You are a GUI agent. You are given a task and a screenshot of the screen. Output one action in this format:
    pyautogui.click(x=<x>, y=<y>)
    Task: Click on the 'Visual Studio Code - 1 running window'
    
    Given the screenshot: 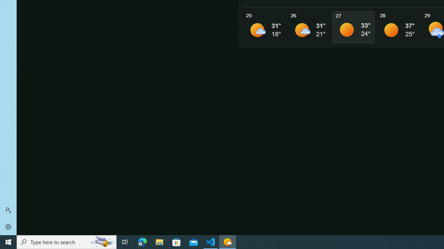 What is the action you would take?
    pyautogui.click(x=210, y=241)
    